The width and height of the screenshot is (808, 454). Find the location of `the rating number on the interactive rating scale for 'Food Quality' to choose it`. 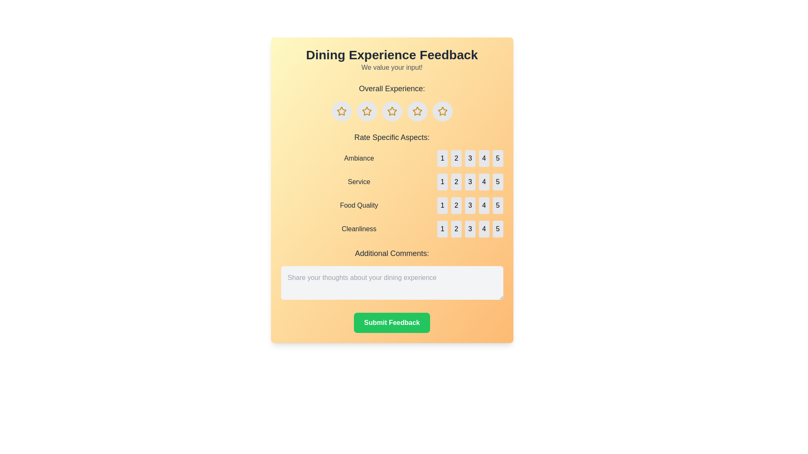

the rating number on the interactive rating scale for 'Food Quality' to choose it is located at coordinates (391, 206).